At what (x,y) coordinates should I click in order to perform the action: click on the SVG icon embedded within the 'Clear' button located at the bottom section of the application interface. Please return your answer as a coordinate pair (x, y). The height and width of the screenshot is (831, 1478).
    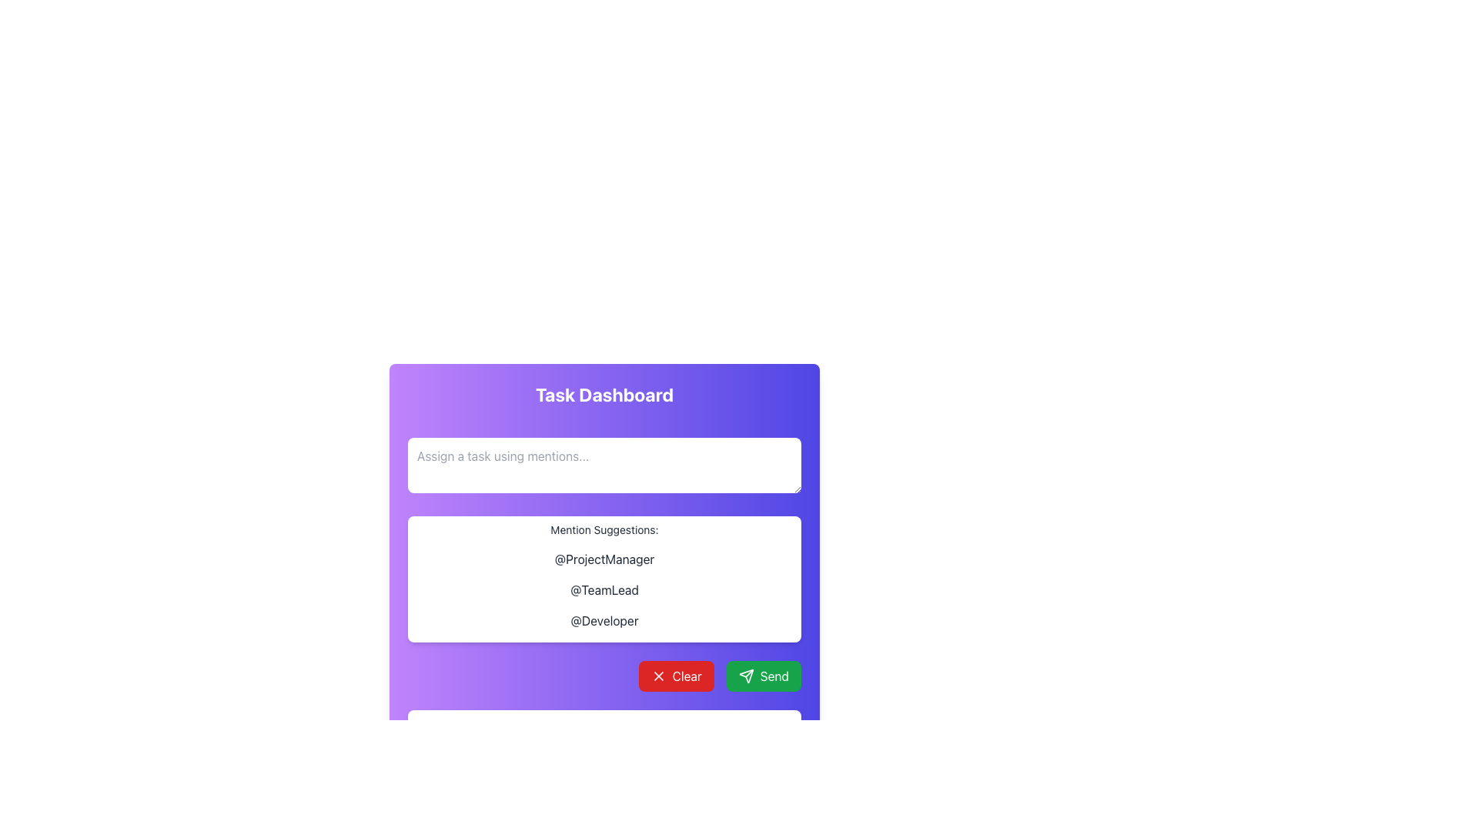
    Looking at the image, I should click on (658, 676).